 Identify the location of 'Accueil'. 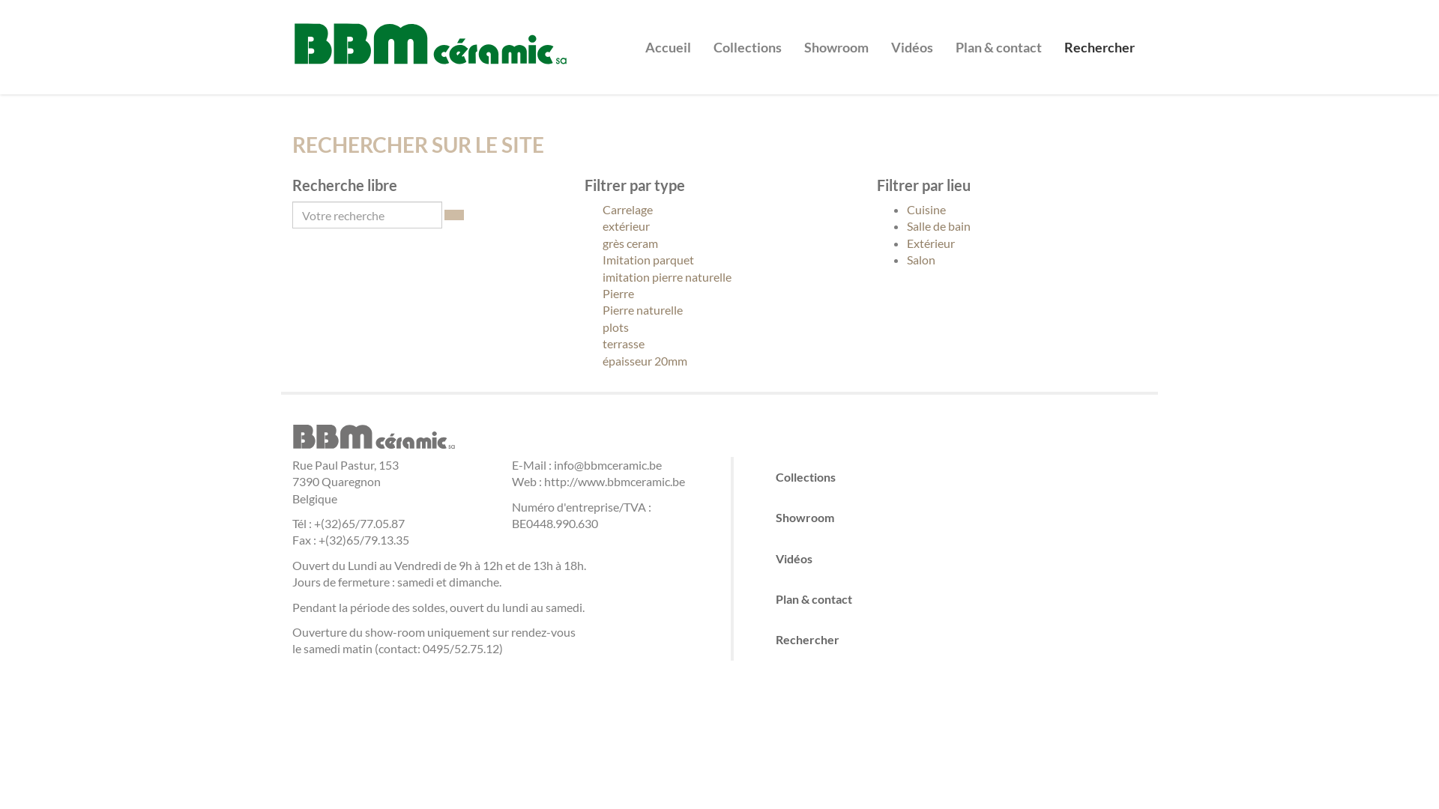
(667, 34).